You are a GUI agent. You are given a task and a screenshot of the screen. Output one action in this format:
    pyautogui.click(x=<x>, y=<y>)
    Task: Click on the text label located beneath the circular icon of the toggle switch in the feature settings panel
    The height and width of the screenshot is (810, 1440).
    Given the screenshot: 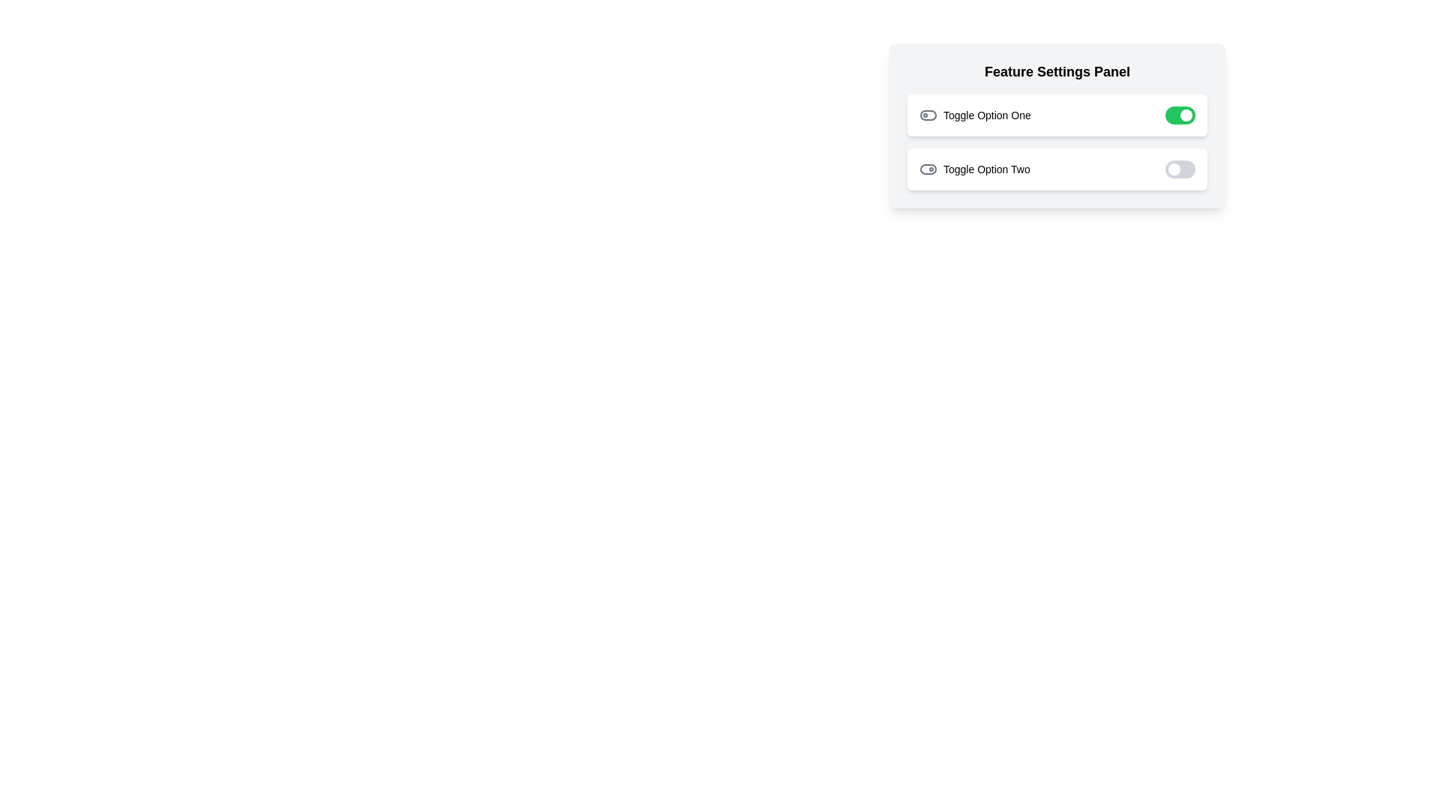 What is the action you would take?
    pyautogui.click(x=987, y=115)
    